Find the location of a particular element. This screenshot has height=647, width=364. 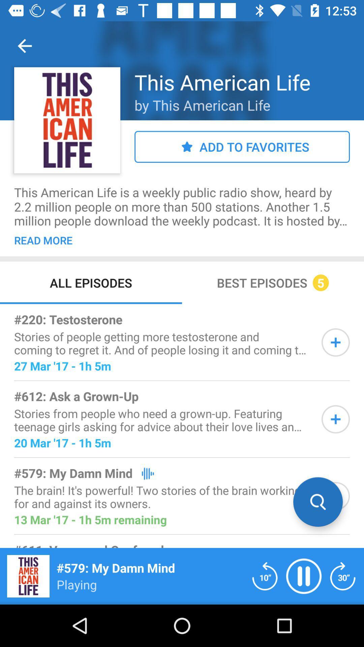

the av_rewind icon is located at coordinates (265, 576).